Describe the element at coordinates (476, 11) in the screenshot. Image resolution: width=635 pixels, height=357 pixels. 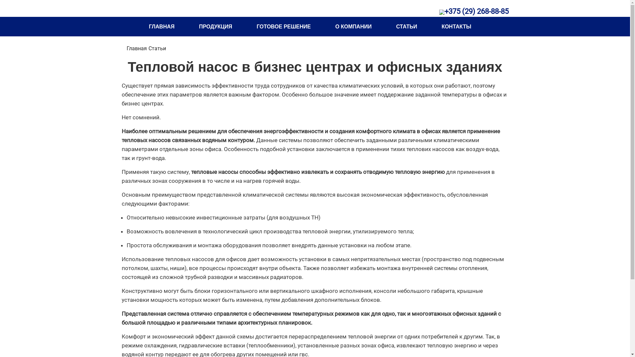
I see `'+375 (29) 268-88-85'` at that location.